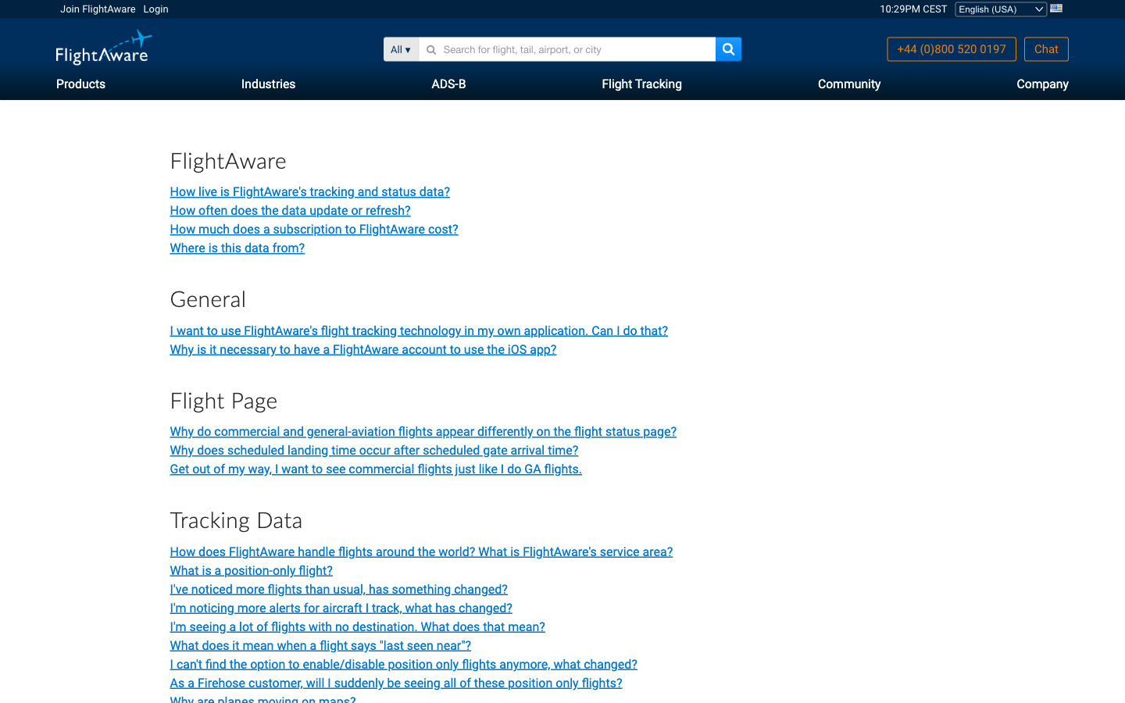  What do you see at coordinates (1045, 48) in the screenshot?
I see `the live chat feature on the FlightAware site` at bounding box center [1045, 48].